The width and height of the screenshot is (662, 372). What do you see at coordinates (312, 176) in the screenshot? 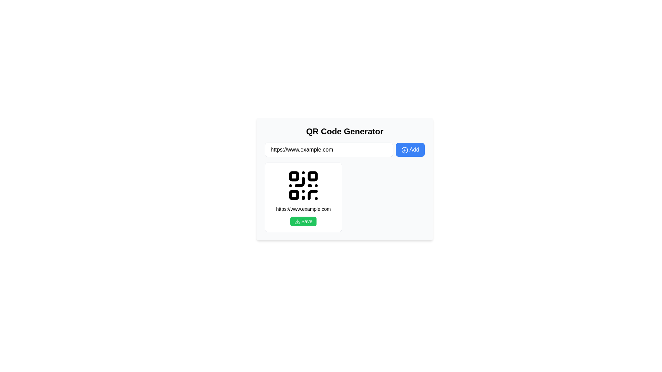
I see `the small square with rounded corners located near the upper right of the QR code, specifically the second square in the first row of three internal blocks` at bounding box center [312, 176].